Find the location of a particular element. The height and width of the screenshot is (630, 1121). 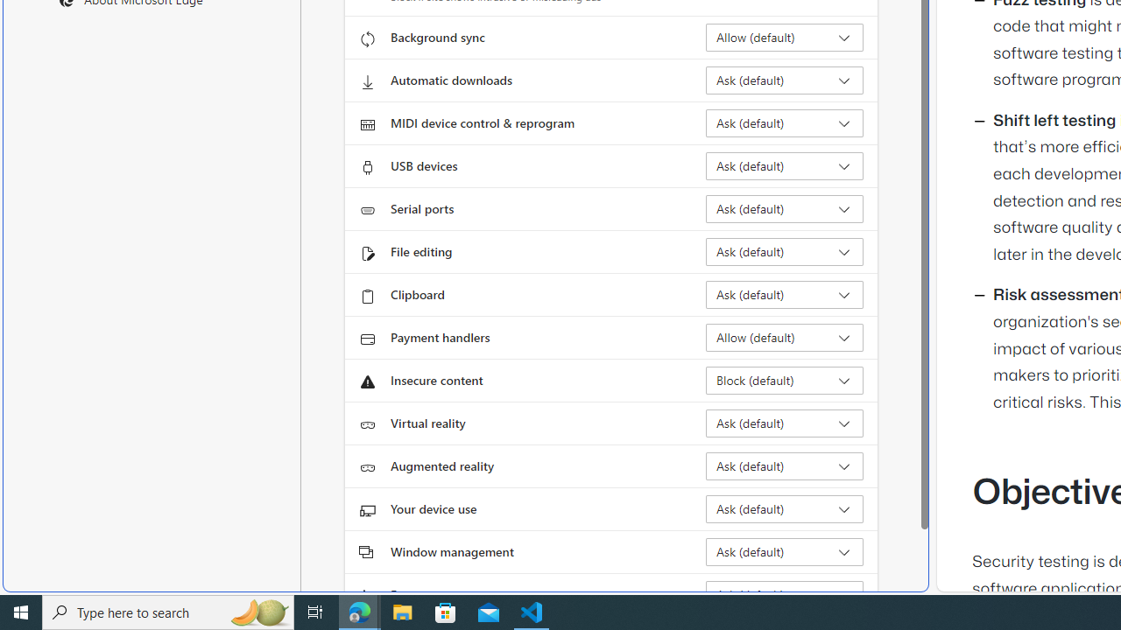

'Fonts Ask (default)' is located at coordinates (784, 594).